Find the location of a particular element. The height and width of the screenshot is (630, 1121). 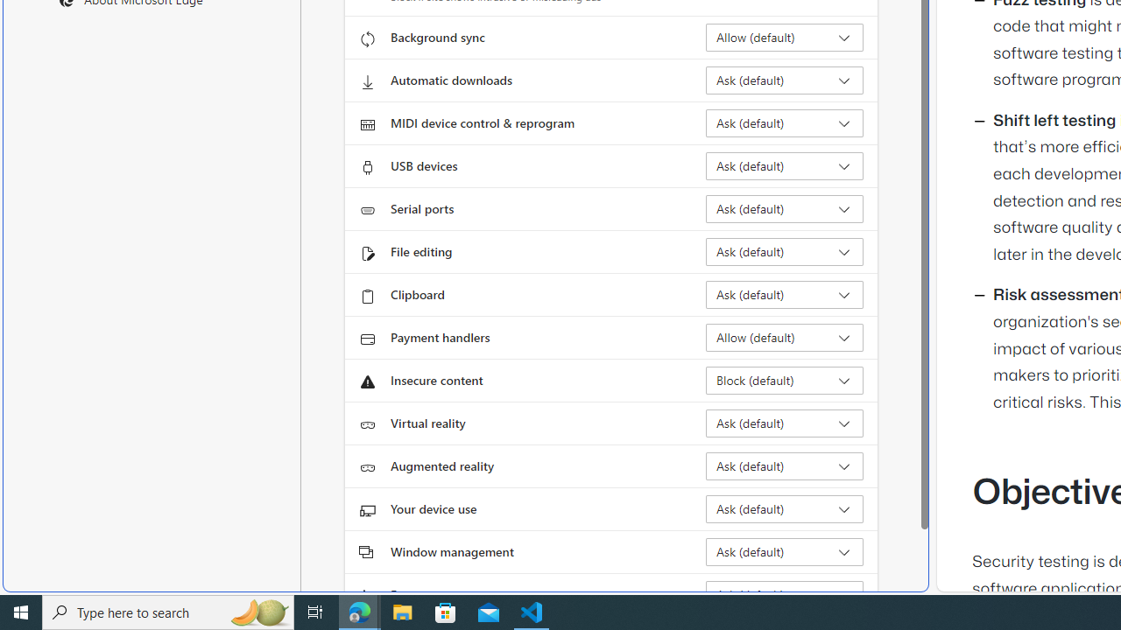

'Fonts Ask (default)' is located at coordinates (784, 594).